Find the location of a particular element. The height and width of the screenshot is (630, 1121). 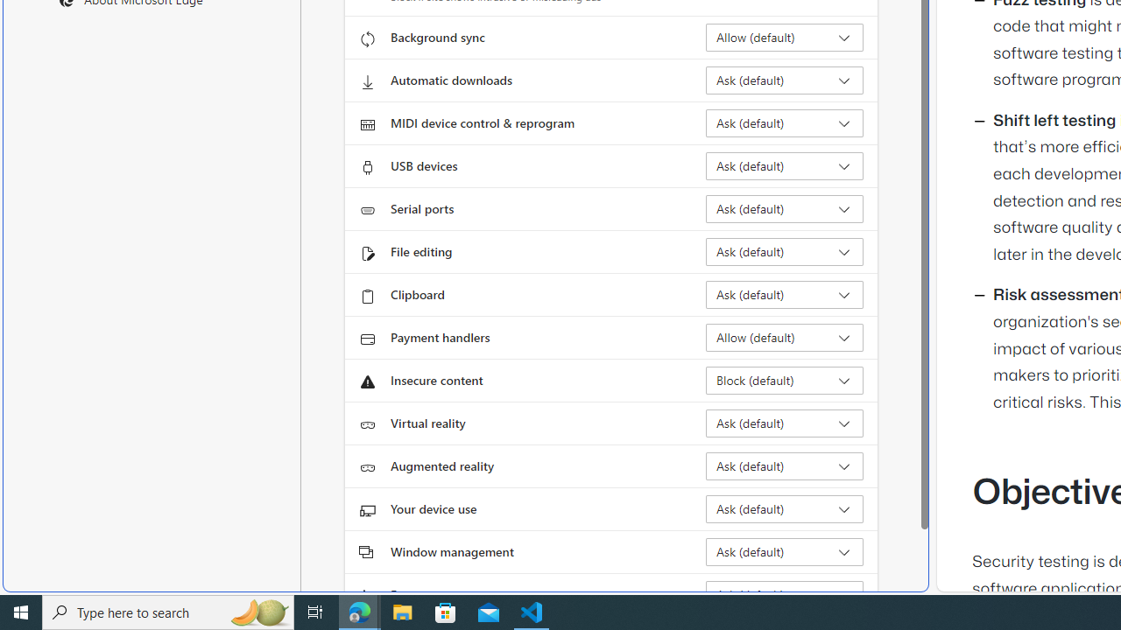

'Fonts Ask (default)' is located at coordinates (784, 594).